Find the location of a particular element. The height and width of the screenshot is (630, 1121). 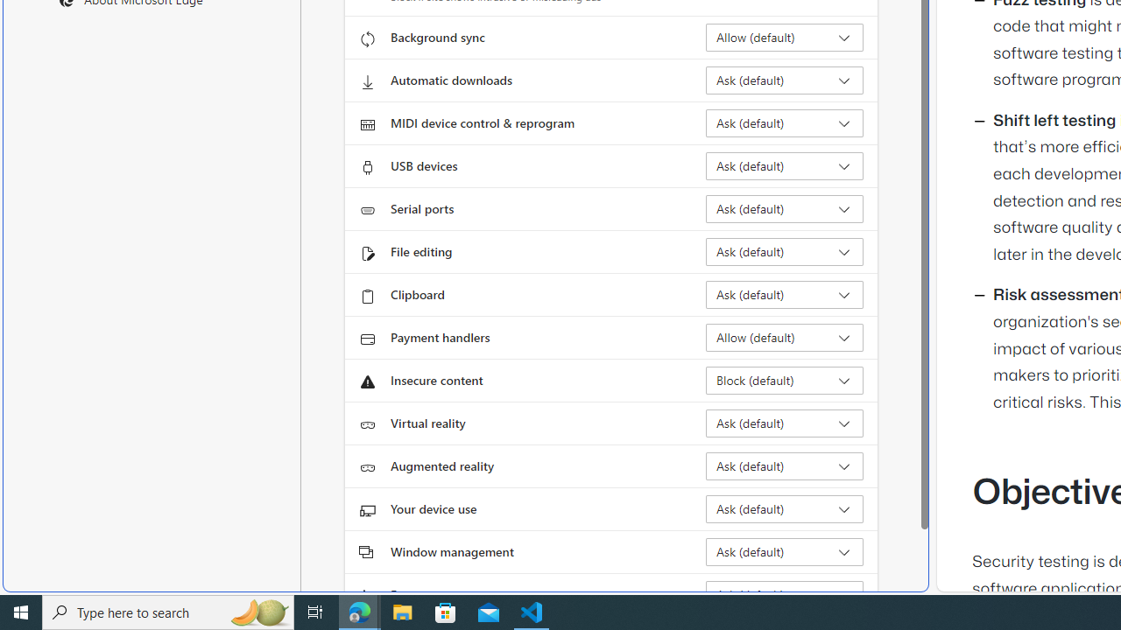

'Fonts Ask (default)' is located at coordinates (784, 594).